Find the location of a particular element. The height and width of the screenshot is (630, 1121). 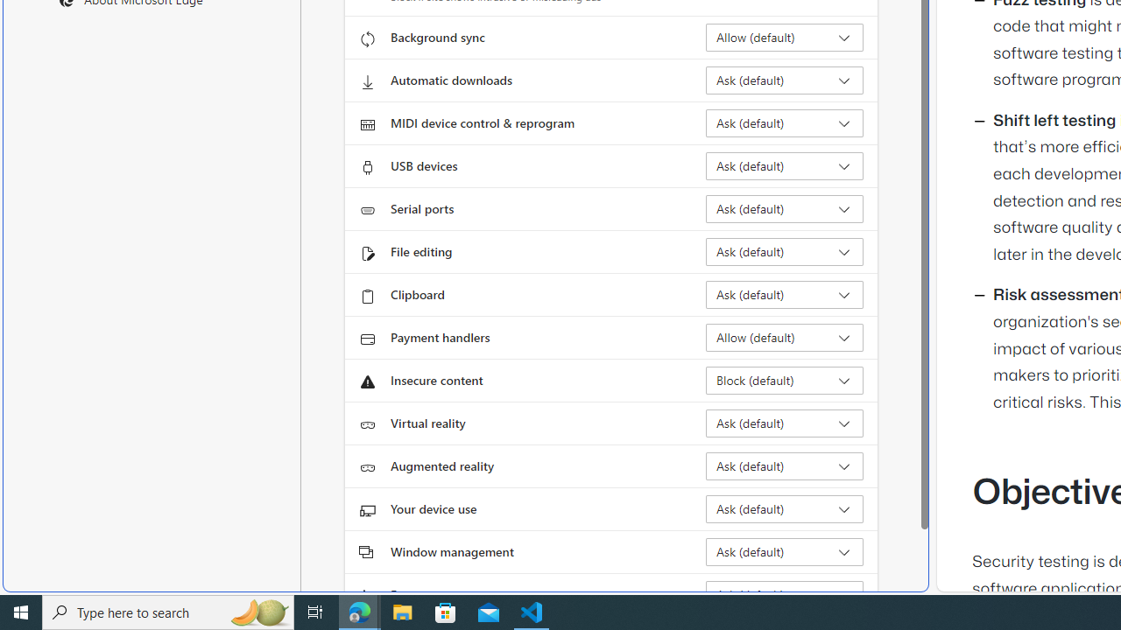

'Fonts Ask (default)' is located at coordinates (784, 594).